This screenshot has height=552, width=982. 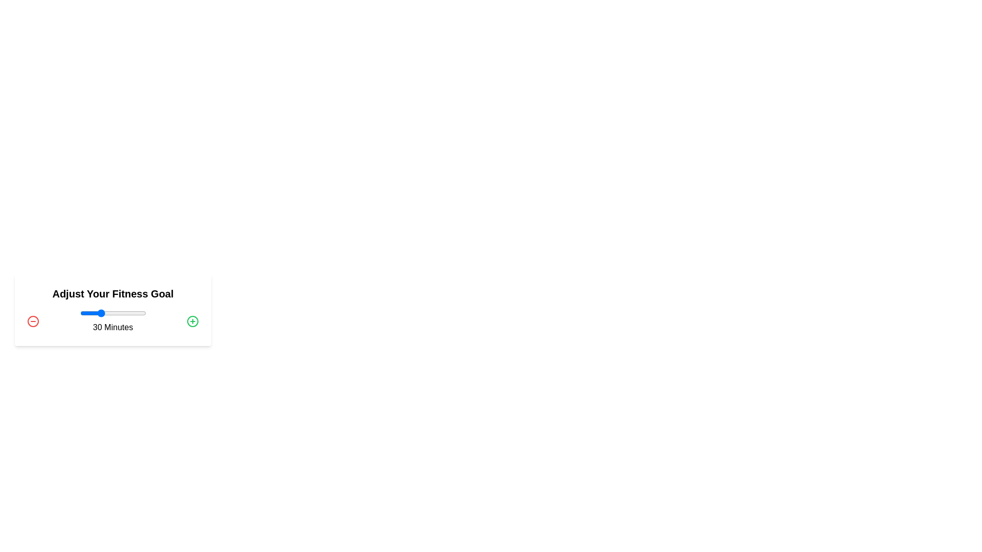 I want to click on fitness goal, so click(x=132, y=313).